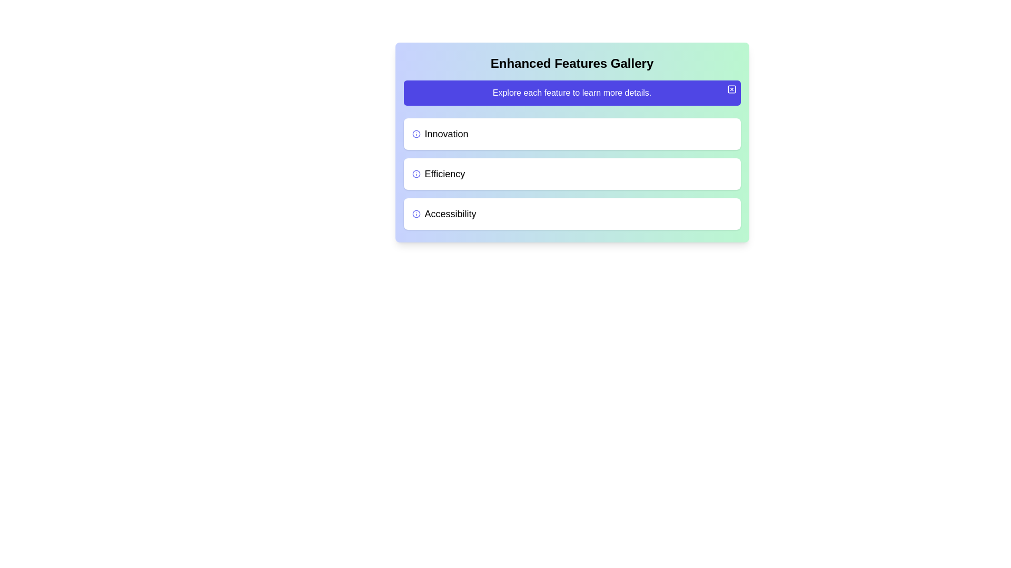 The height and width of the screenshot is (568, 1011). What do you see at coordinates (571, 174) in the screenshot?
I see `the 'Efficiency' card, which is the second card in the vertical list of three cards under the 'Enhanced Features Gallery' section, positioned between 'Innovation' and 'Accessibility'` at bounding box center [571, 174].